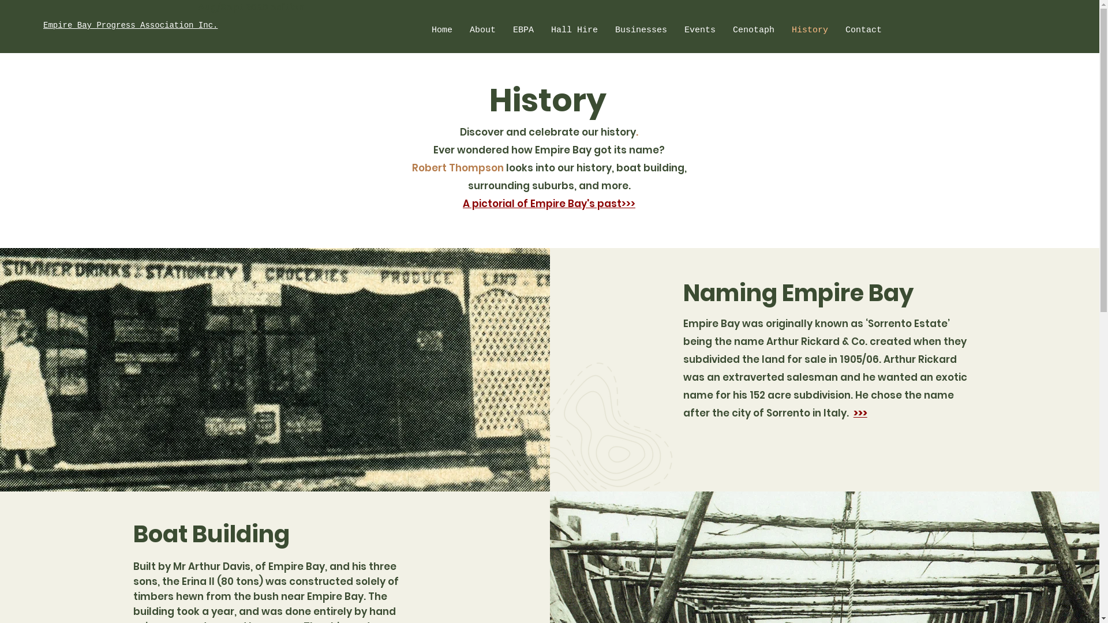 This screenshot has height=623, width=1108. What do you see at coordinates (523, 30) in the screenshot?
I see `'EBPA'` at bounding box center [523, 30].